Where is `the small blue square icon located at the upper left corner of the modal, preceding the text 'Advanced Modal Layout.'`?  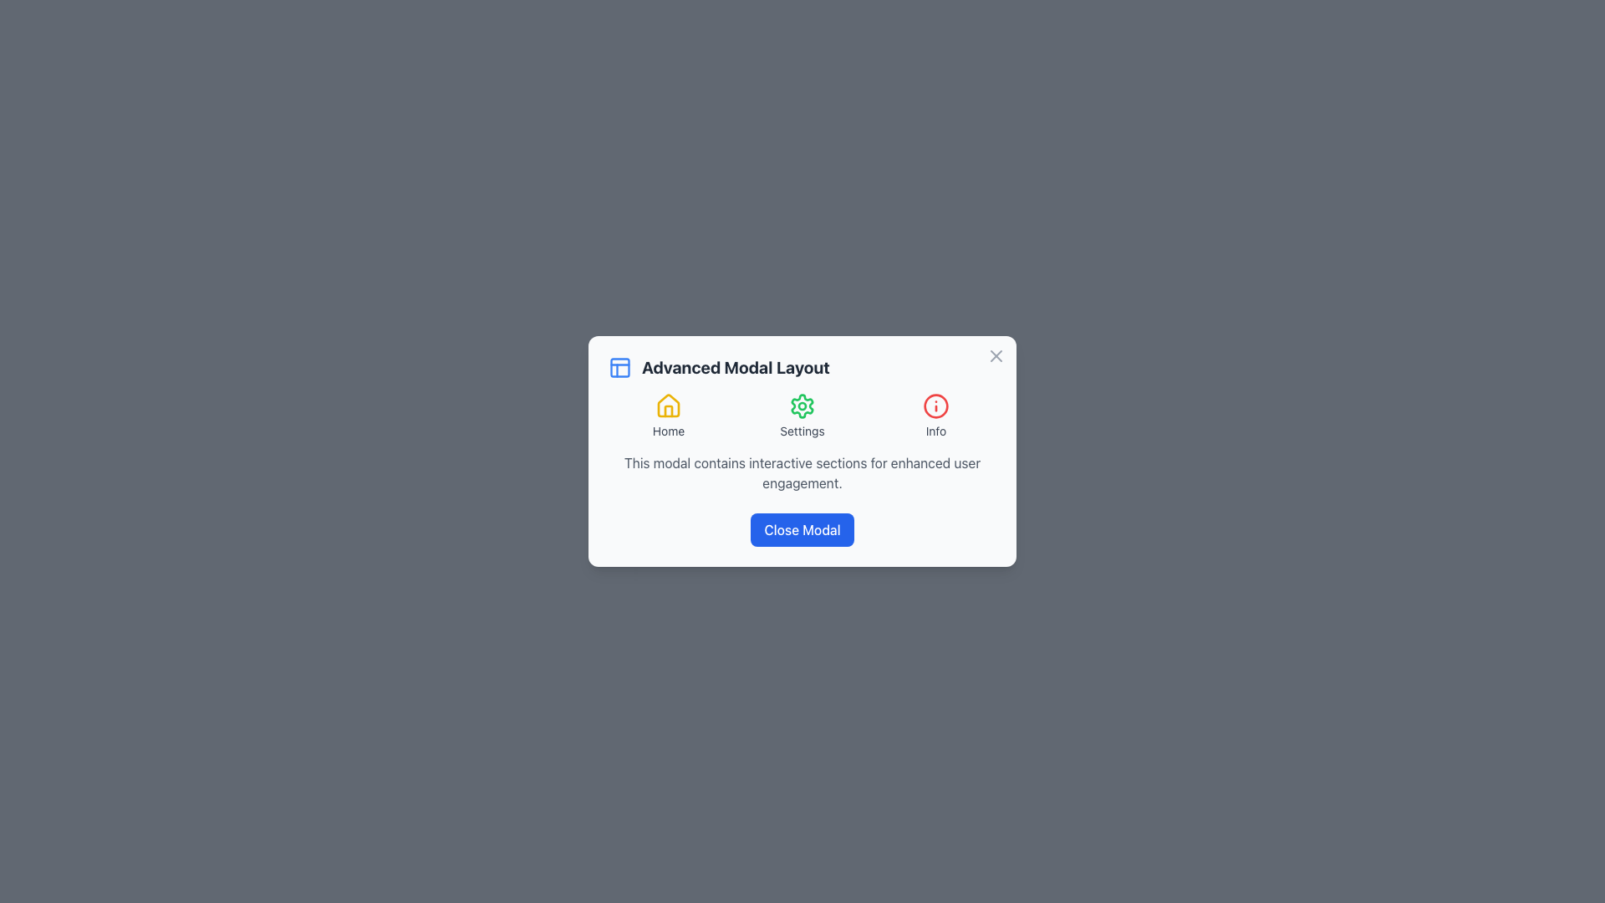 the small blue square icon located at the upper left corner of the modal, preceding the text 'Advanced Modal Layout.' is located at coordinates (619, 366).